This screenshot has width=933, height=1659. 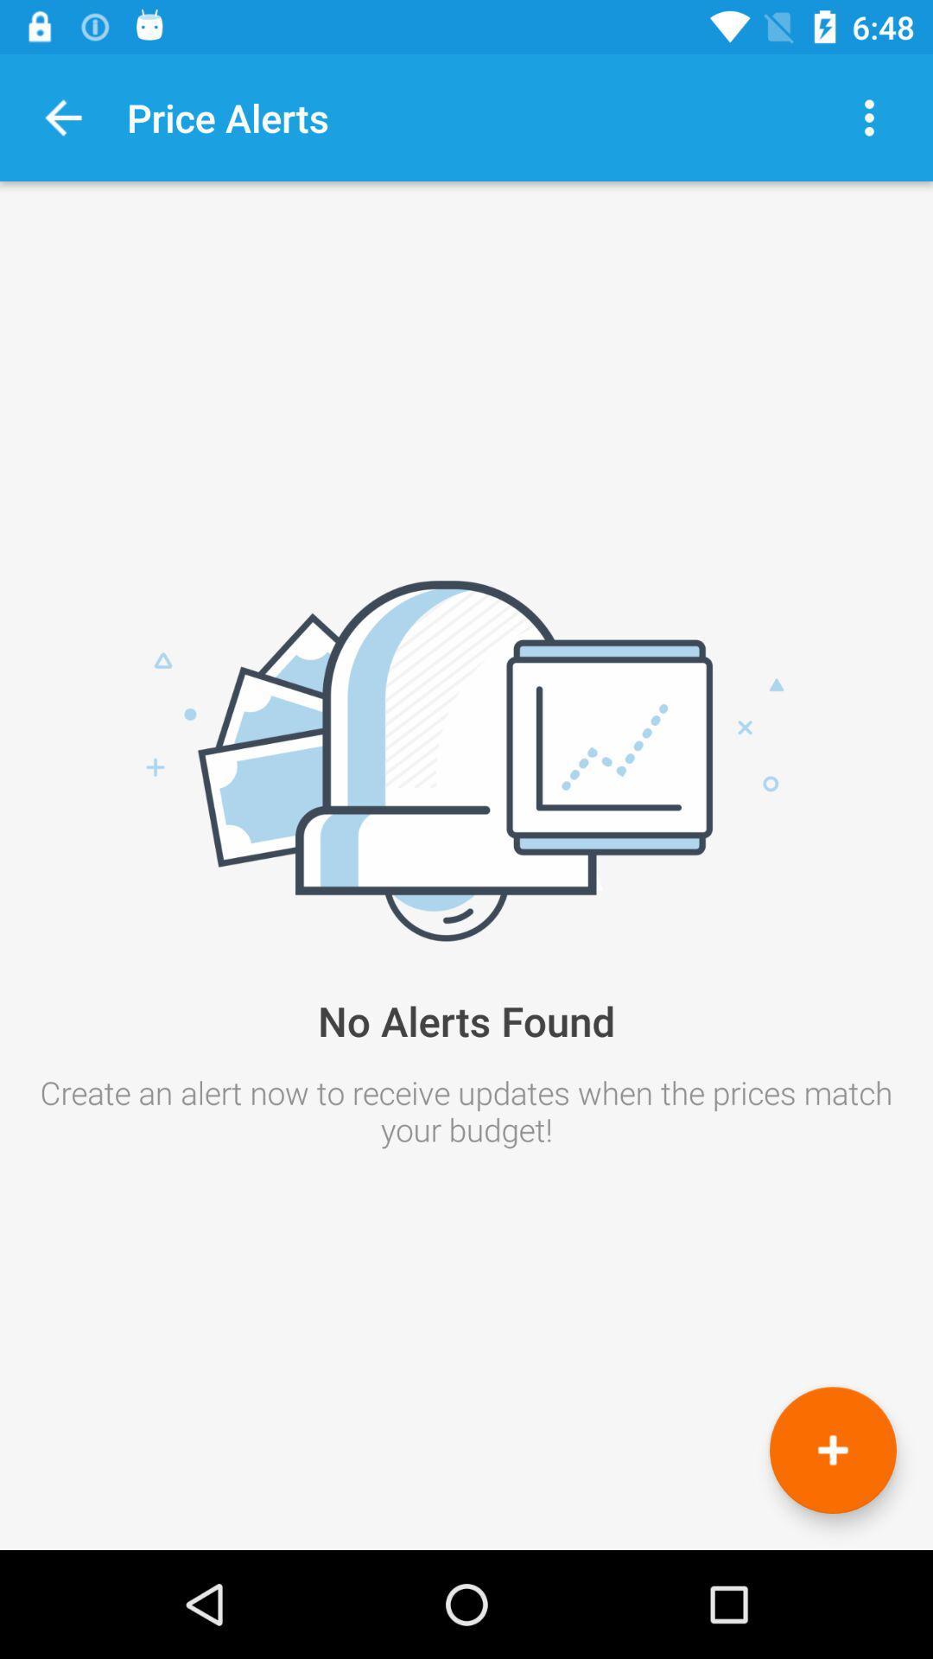 What do you see at coordinates (62, 117) in the screenshot?
I see `item next to the price alerts` at bounding box center [62, 117].